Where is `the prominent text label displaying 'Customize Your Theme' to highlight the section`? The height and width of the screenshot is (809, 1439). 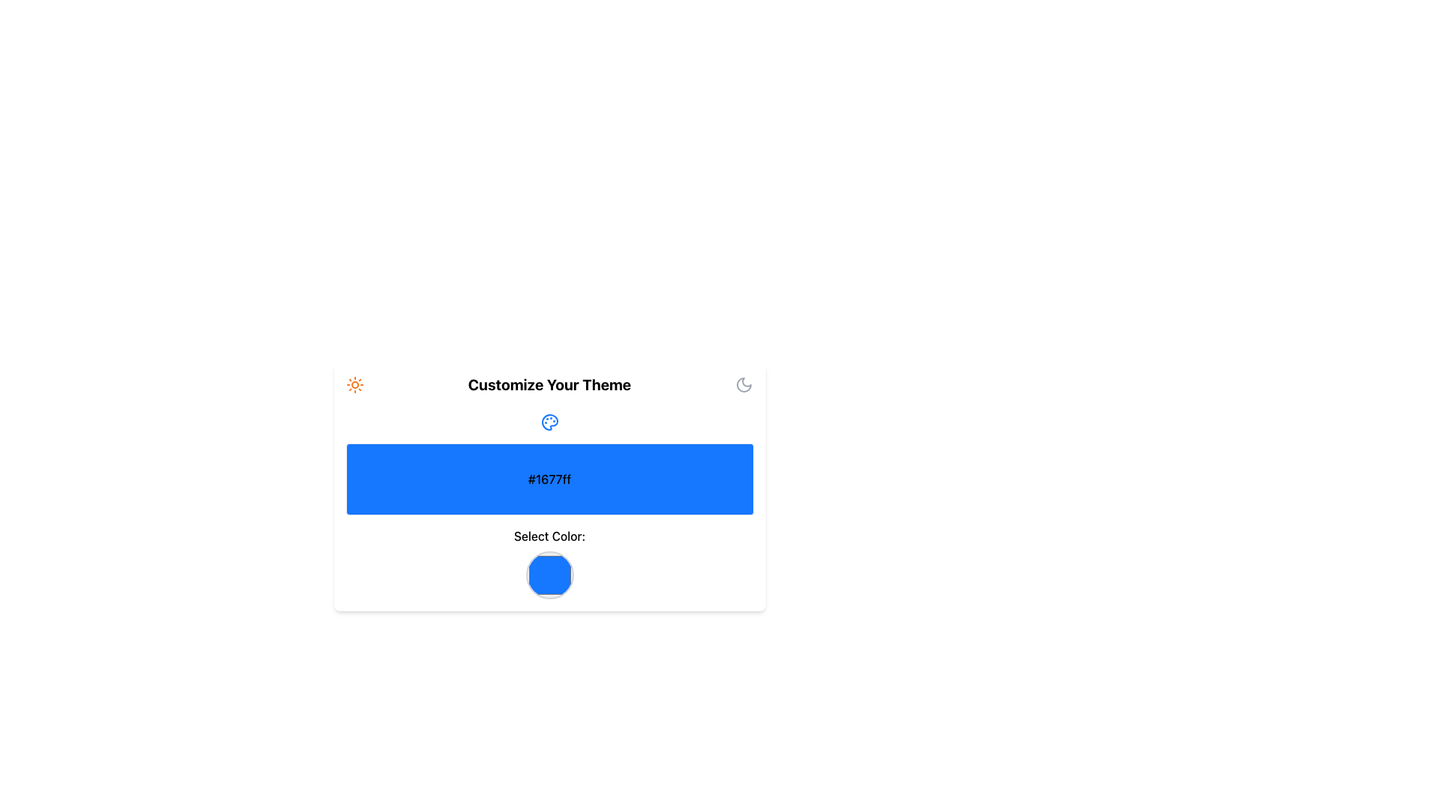 the prominent text label displaying 'Customize Your Theme' to highlight the section is located at coordinates (549, 384).